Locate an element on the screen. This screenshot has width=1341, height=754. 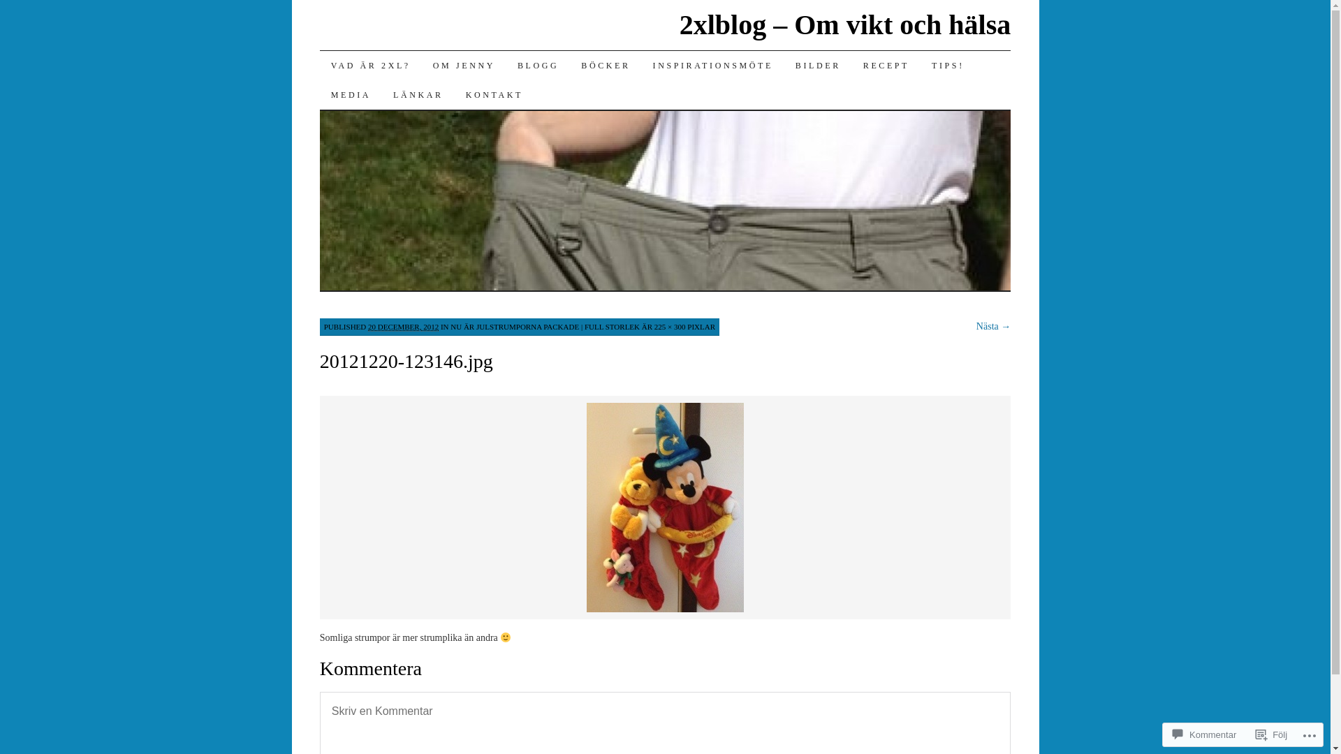
'20121220-123146.jpg' is located at coordinates (664, 609).